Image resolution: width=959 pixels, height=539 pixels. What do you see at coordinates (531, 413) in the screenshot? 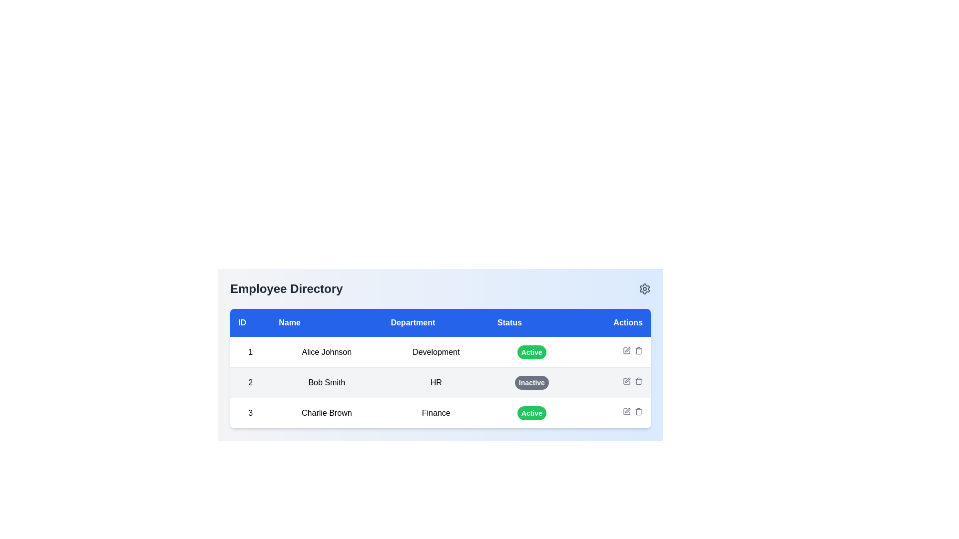
I see `the green 'Active' status badge located in the 'Status' column of the third row in the 'Employee Directory' interface, next to the 'Finance' label` at bounding box center [531, 413].